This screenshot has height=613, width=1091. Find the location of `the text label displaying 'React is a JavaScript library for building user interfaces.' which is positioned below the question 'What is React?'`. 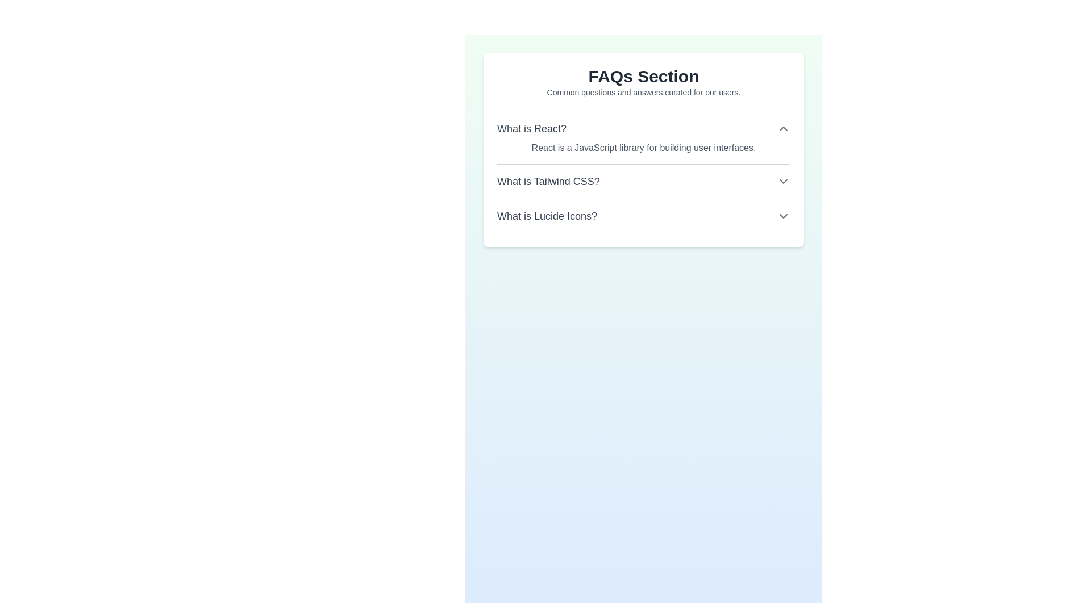

the text label displaying 'React is a JavaScript library for building user interfaces.' which is positioned below the question 'What is React?' is located at coordinates (643, 148).